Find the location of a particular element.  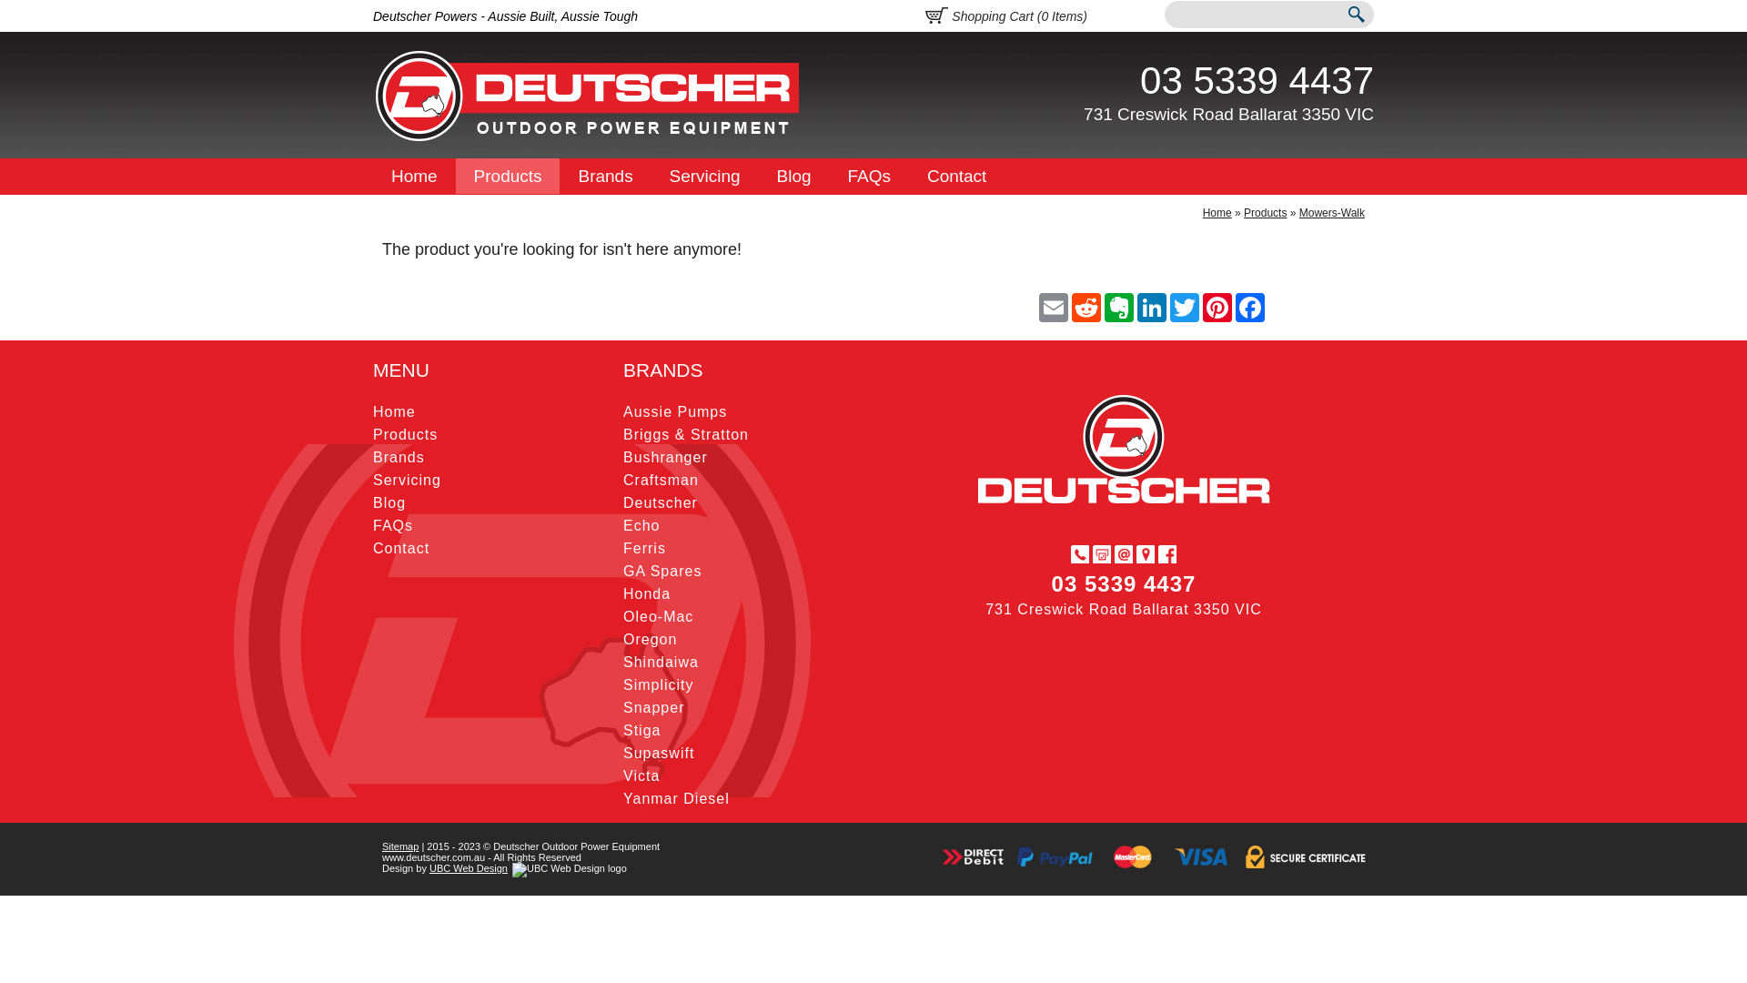

'Craftsman' is located at coordinates (660, 479).